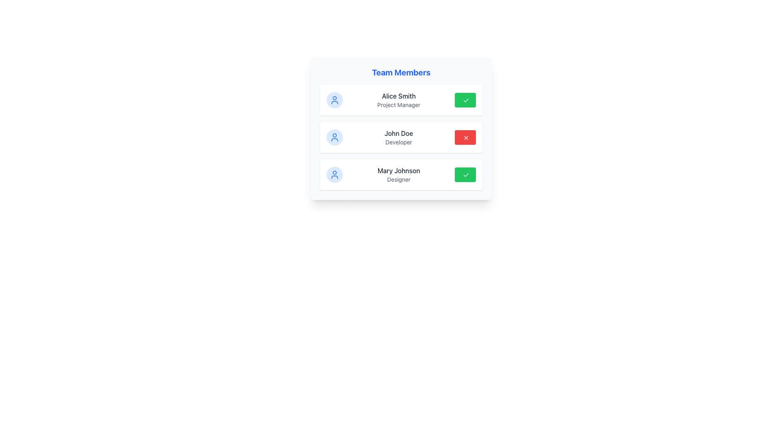 The height and width of the screenshot is (438, 779). I want to click on the removal SVG icon located to the far right of the list item for 'John Doe', the Developer, so click(466, 137).